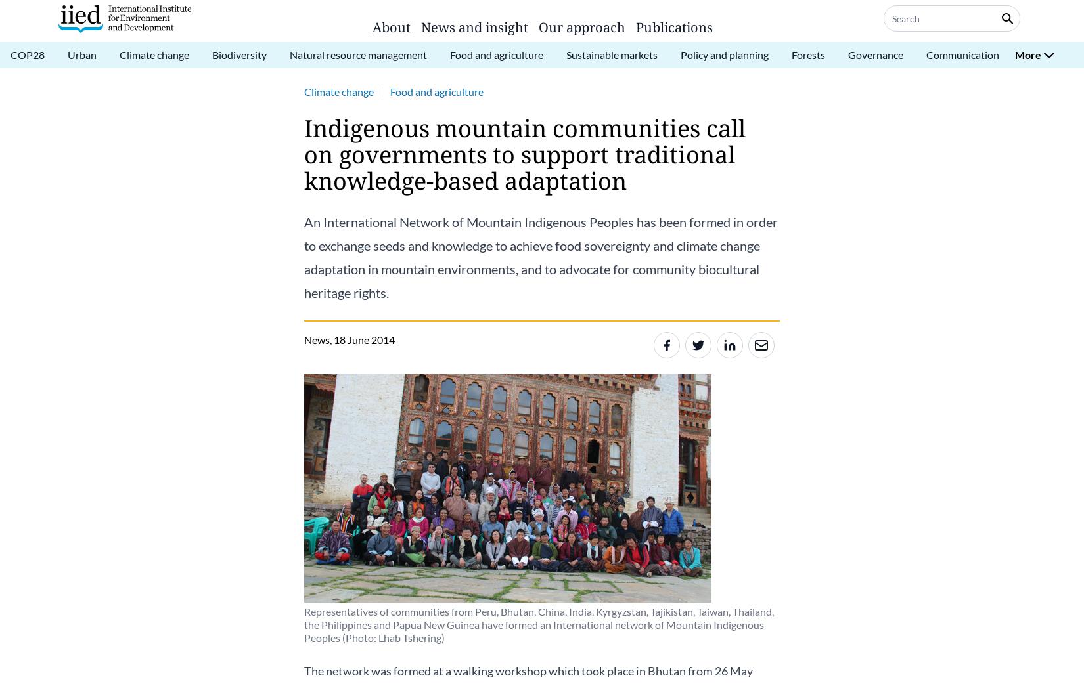 Image resolution: width=1084 pixels, height=686 pixels. I want to click on 'News and insight', so click(474, 26).